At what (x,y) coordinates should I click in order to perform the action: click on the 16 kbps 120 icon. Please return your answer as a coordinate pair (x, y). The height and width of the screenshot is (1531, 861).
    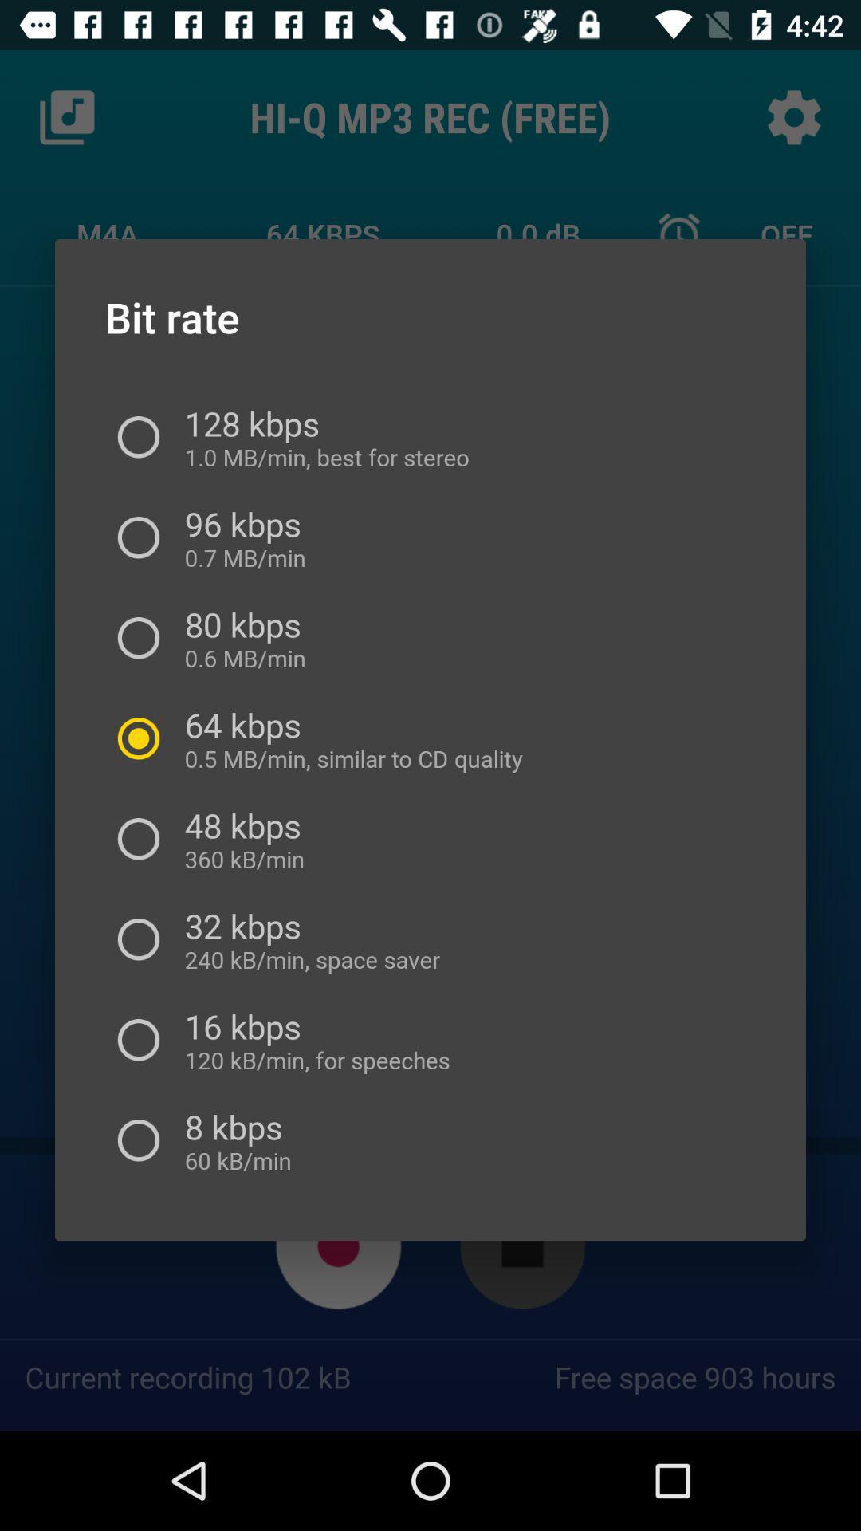
    Looking at the image, I should click on (311, 1040).